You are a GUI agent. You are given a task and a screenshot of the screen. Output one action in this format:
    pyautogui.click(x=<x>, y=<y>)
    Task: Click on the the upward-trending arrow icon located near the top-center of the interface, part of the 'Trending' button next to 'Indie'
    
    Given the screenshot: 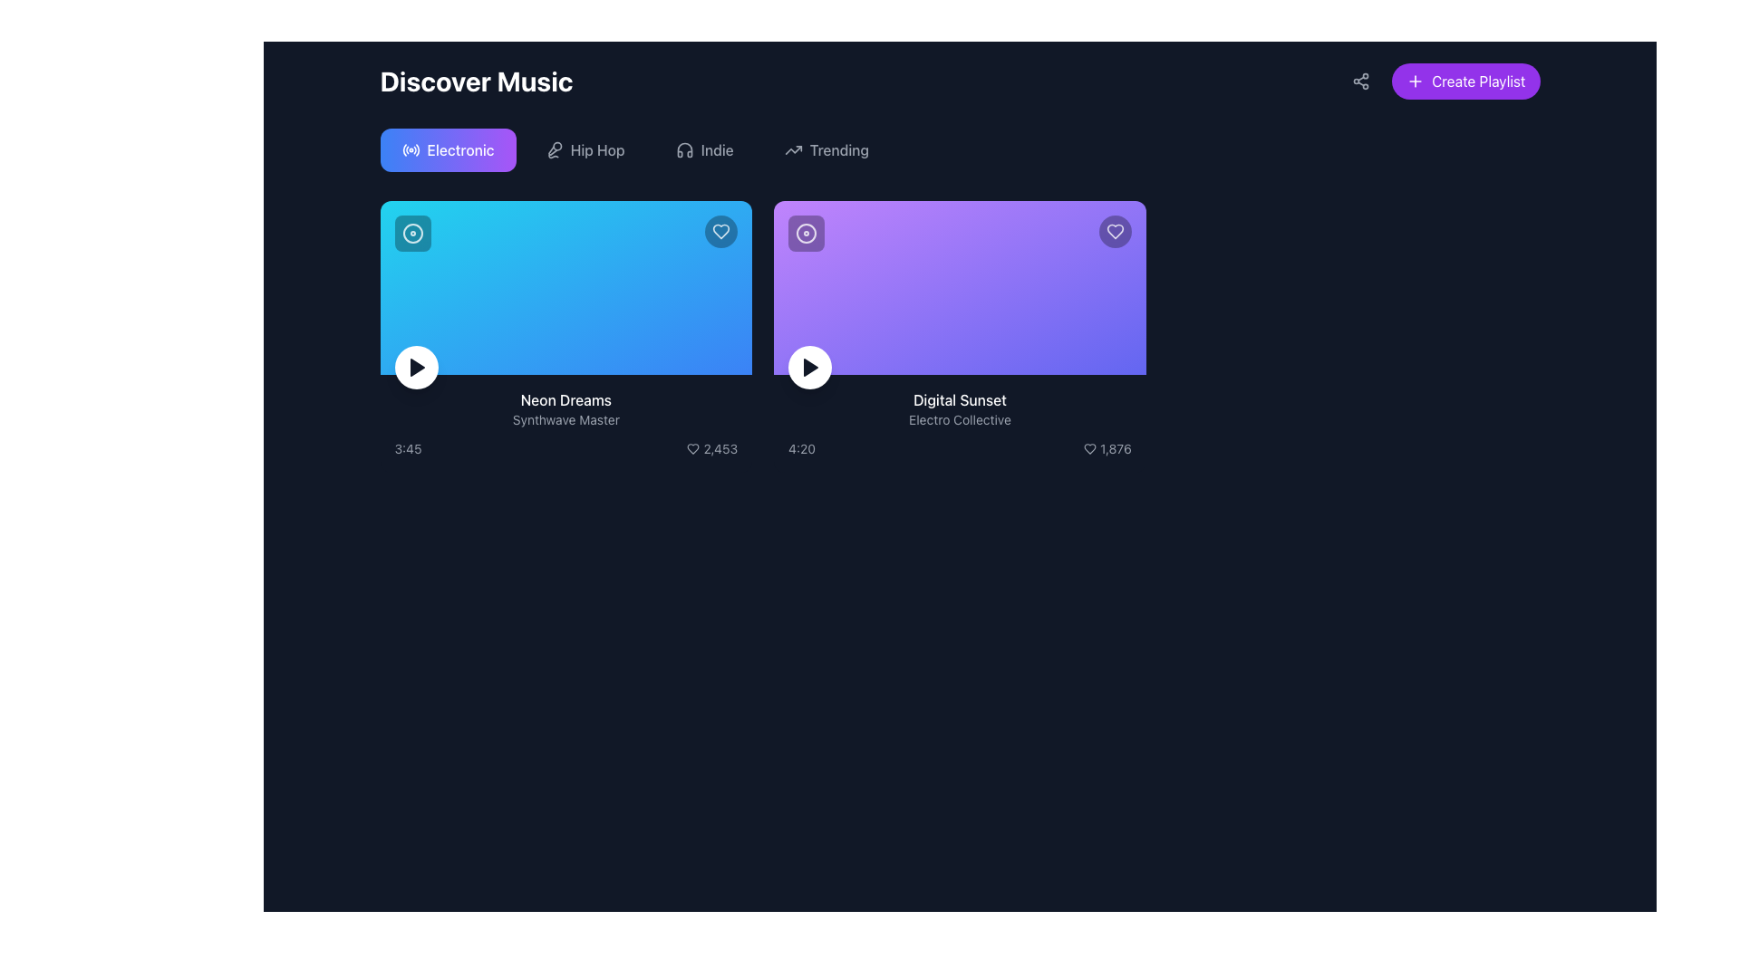 What is the action you would take?
    pyautogui.click(x=793, y=149)
    